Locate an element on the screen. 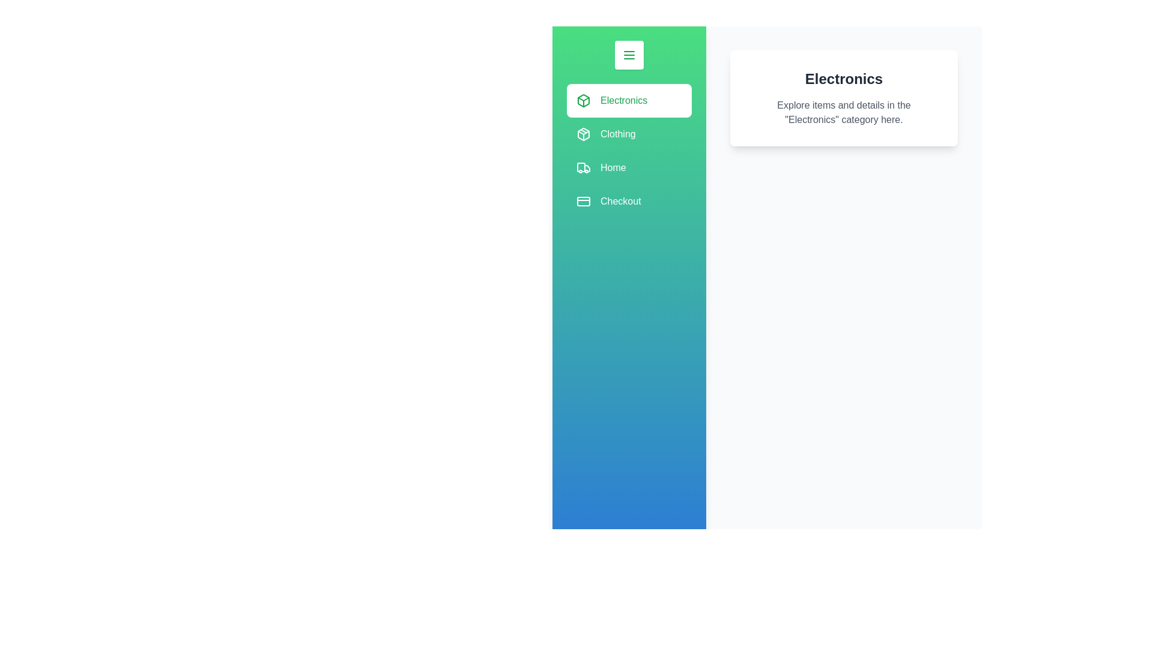 Image resolution: width=1153 pixels, height=648 pixels. the category Clothing from the list by clicking on its interactive area is located at coordinates (628, 134).